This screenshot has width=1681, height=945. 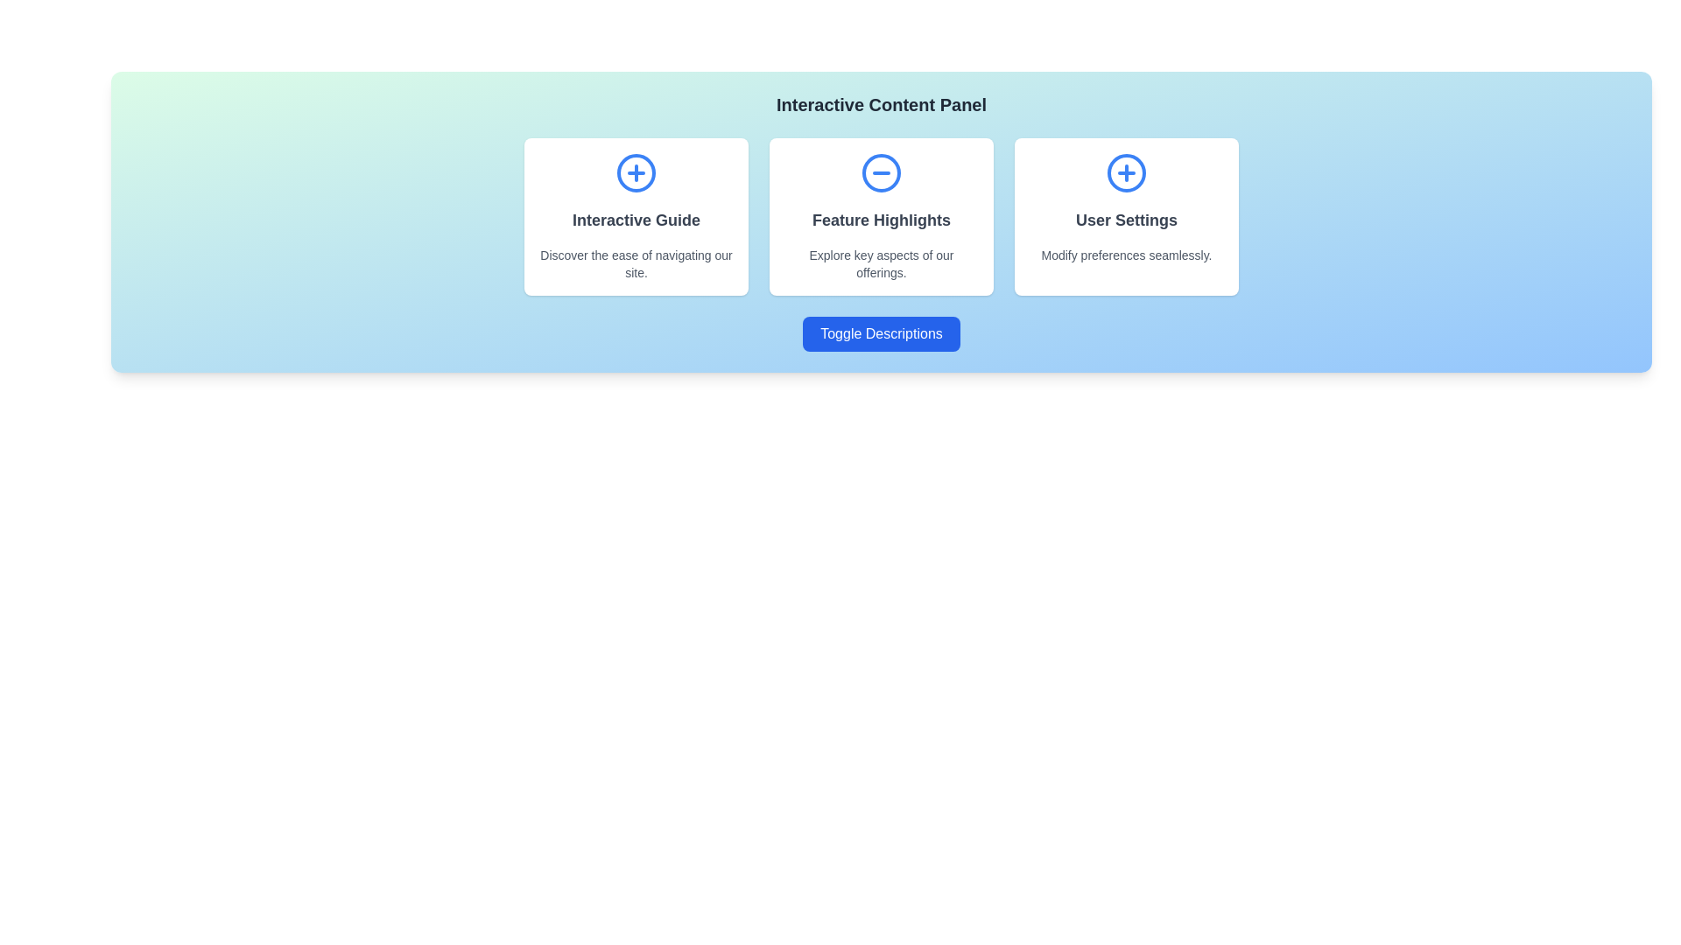 I want to click on the circular icon with a blue border and a horizontal minus sign at its center, located within the second white card titled 'Feature Highlights', so click(x=882, y=172).